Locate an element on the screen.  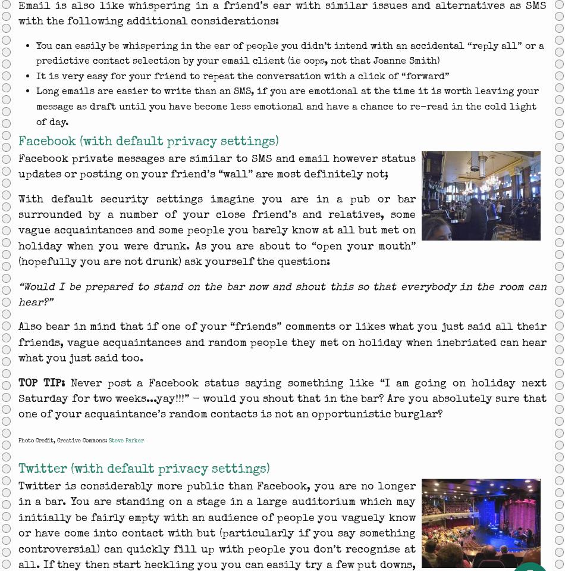
'Never post a Facebook status saying something like “I am going on holiday next Saturday for two weeks...yay!!!” - would you shout that in the bar? Are you absolutely sure that one of your acquaintance’s random contacts is not an opportunistic burglar?' is located at coordinates (282, 398).